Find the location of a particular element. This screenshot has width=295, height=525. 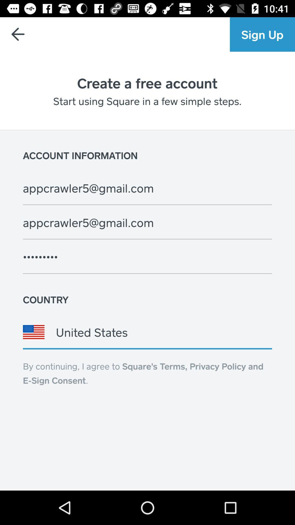

the text below account information is located at coordinates (147, 188).